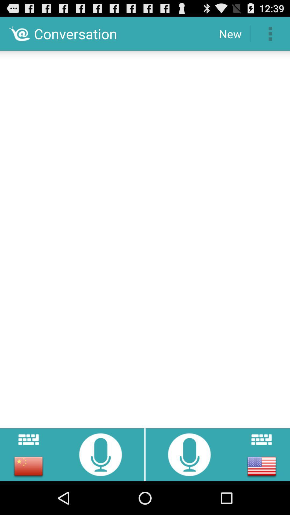 This screenshot has height=515, width=290. Describe the element at coordinates (270, 33) in the screenshot. I see `item next to new icon` at that location.